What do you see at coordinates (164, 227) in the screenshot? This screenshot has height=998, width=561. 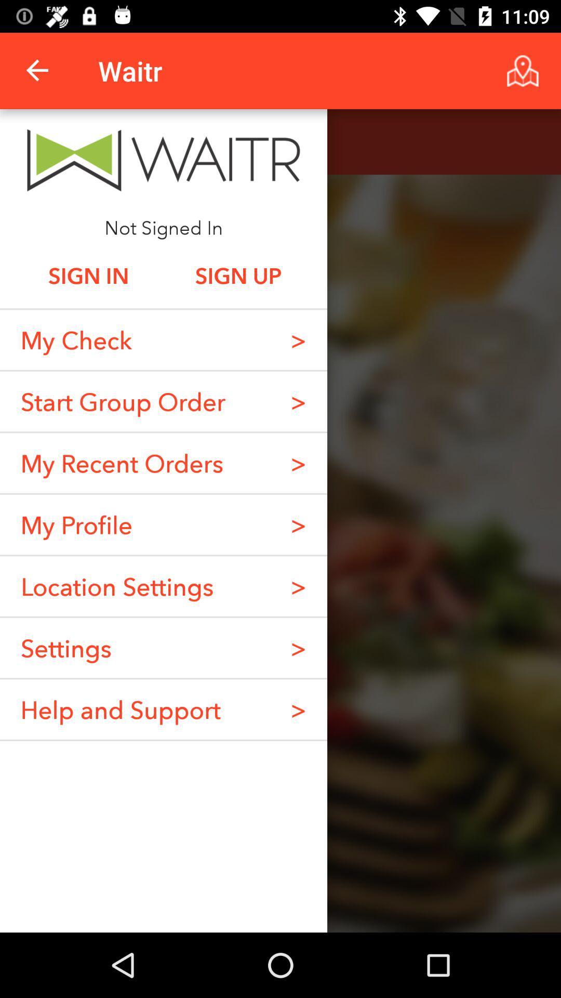 I see `not signed in` at bounding box center [164, 227].